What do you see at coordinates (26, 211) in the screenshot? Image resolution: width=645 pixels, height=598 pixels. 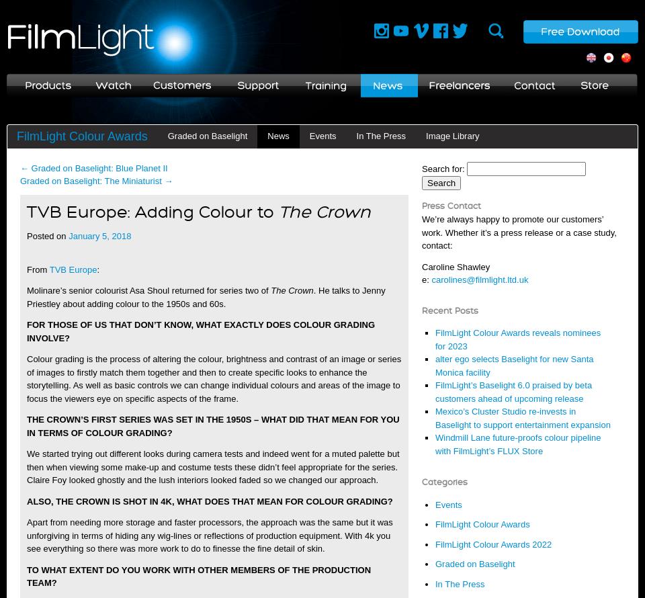 I see `'TVB Europe: Adding Colour to'` at bounding box center [26, 211].